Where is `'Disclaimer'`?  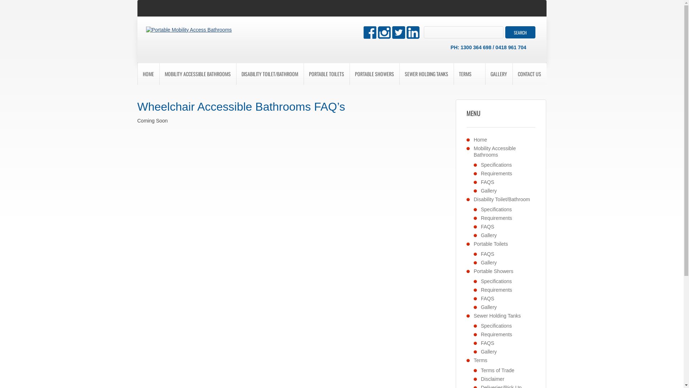 'Disclaimer' is located at coordinates (492, 379).